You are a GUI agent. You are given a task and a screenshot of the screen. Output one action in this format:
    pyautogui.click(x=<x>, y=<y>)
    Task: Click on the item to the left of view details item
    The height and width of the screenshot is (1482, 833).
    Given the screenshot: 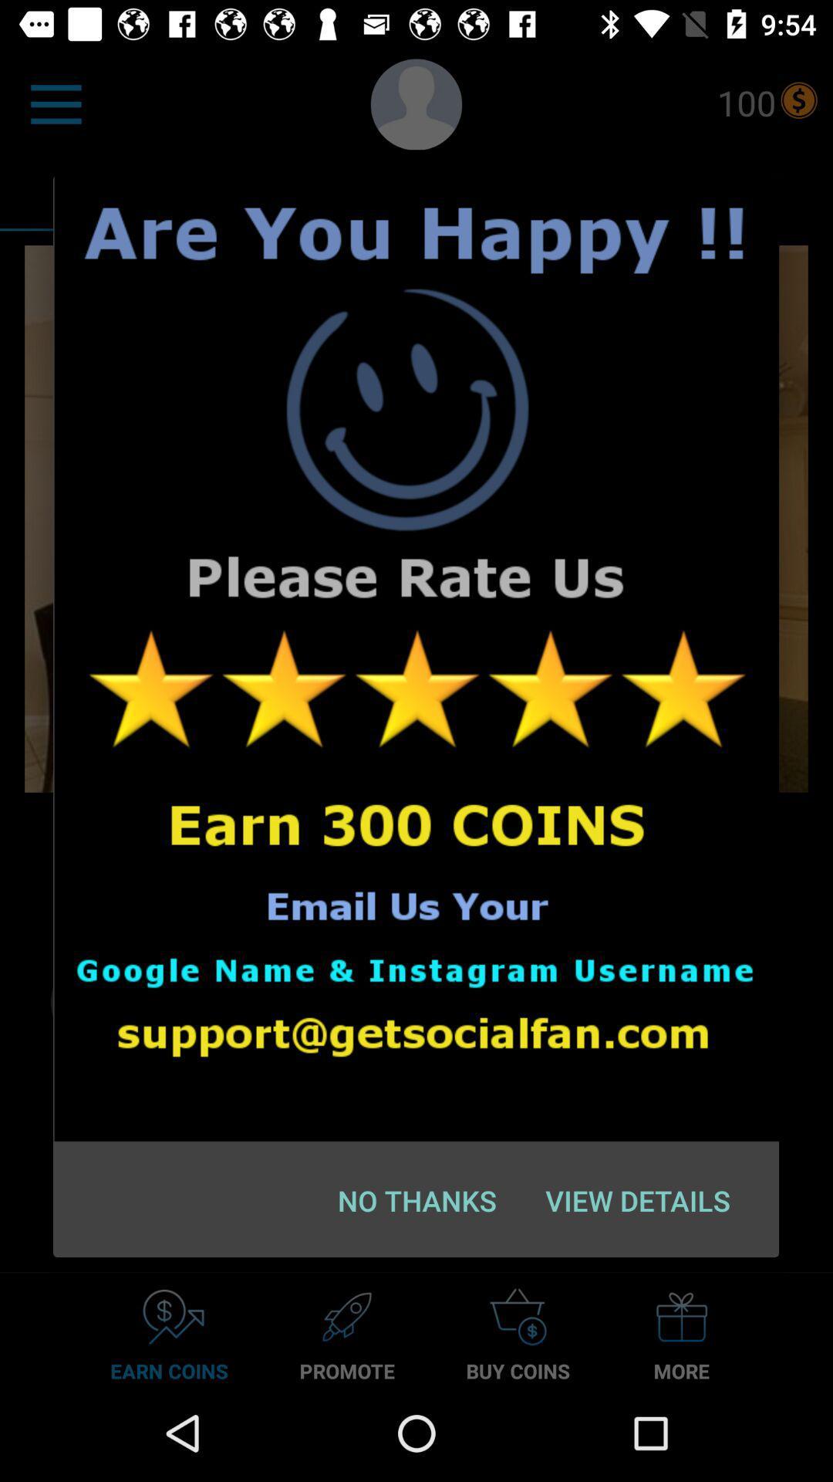 What is the action you would take?
    pyautogui.click(x=417, y=1199)
    